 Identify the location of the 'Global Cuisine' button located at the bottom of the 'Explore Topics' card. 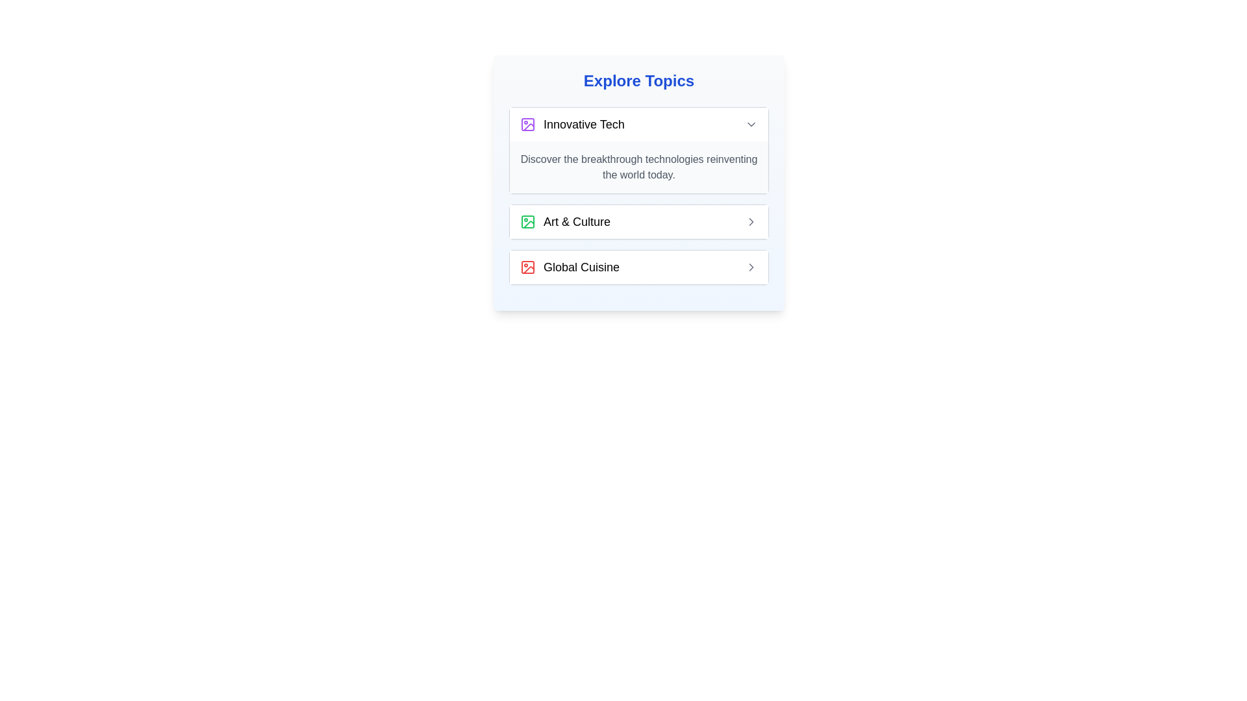
(638, 267).